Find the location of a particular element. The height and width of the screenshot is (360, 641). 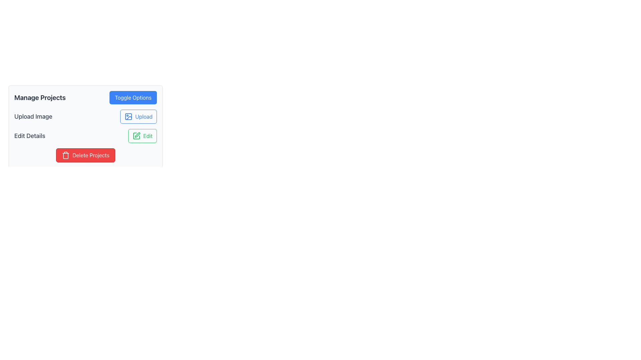

the red 'Delete Projects' button with a trash icon located below the 'Edit Details' button in the 'Manage Projects' panel is located at coordinates (85, 155).